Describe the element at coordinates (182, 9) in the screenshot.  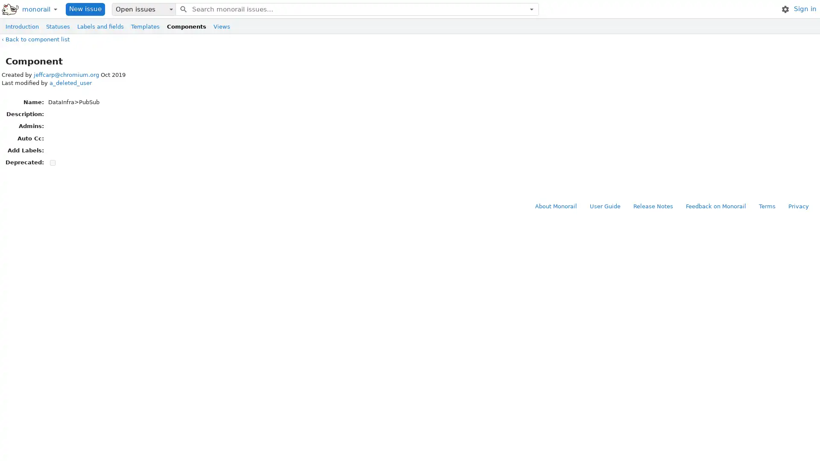
I see `search` at that location.